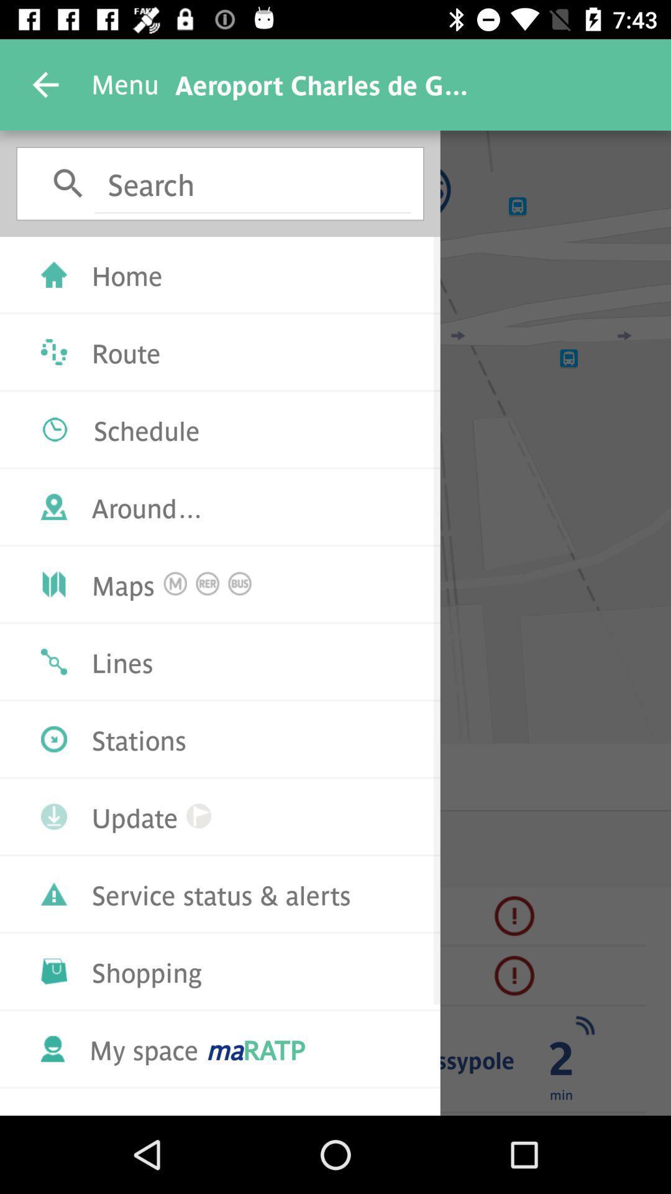 This screenshot has width=671, height=1194. I want to click on the symbol which is to the immediate right of update, so click(198, 815).